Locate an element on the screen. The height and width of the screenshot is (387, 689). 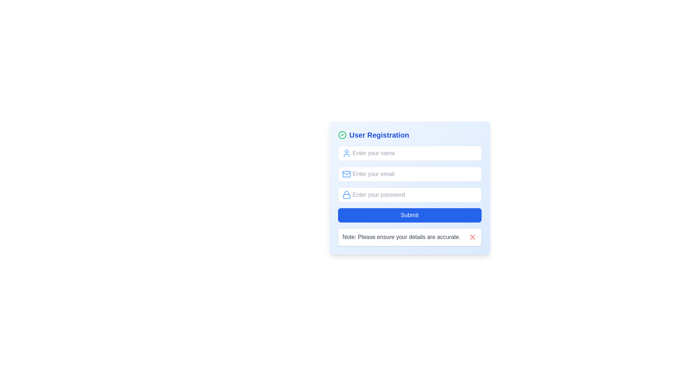
the static text element that provides cautionary instructions, located below the 'Submit' button on the user registration form is located at coordinates (401, 237).